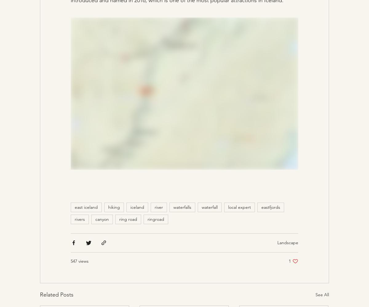  Describe the element at coordinates (322, 294) in the screenshot. I see `'See All'` at that location.